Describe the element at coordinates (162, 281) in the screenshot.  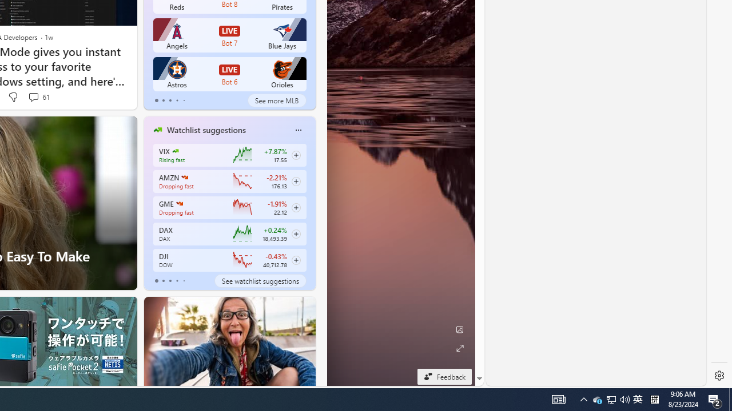
I see `'tab-1'` at that location.